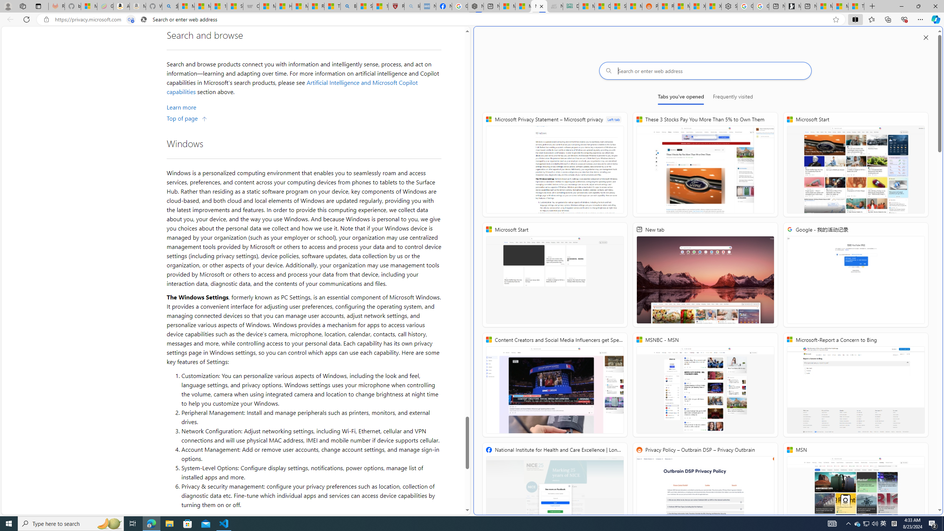 The width and height of the screenshot is (944, 531). What do you see at coordinates (292, 86) in the screenshot?
I see `'Artificial Intelligence and Microsoft Copilot capabilities'` at bounding box center [292, 86].